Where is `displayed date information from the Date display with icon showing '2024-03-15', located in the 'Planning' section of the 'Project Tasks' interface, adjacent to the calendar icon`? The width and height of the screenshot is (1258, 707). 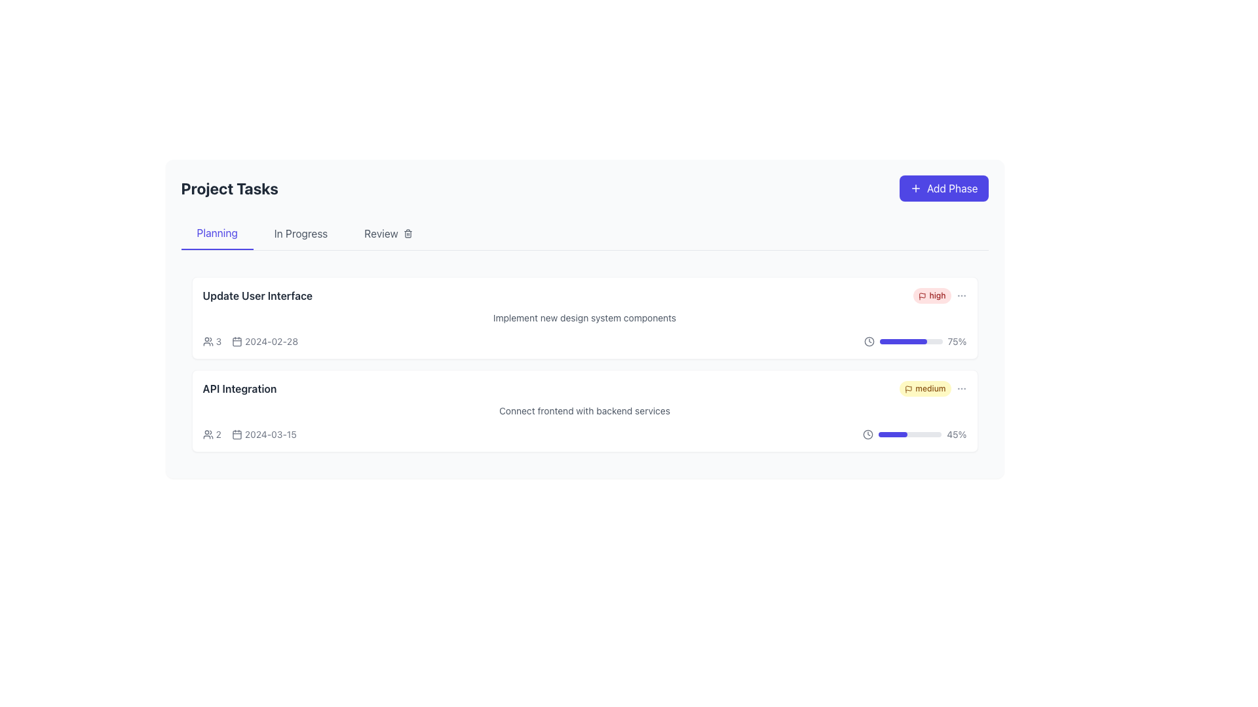 displayed date information from the Date display with icon showing '2024-03-15', located in the 'Planning' section of the 'Project Tasks' interface, adjacent to the calendar icon is located at coordinates (263, 434).